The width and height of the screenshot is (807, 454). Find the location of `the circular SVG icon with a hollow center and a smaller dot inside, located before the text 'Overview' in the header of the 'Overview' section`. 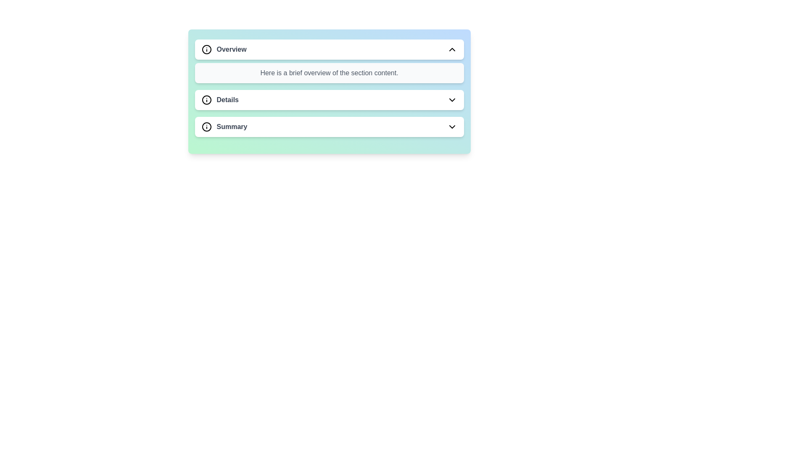

the circular SVG icon with a hollow center and a smaller dot inside, located before the text 'Overview' in the header of the 'Overview' section is located at coordinates (206, 50).